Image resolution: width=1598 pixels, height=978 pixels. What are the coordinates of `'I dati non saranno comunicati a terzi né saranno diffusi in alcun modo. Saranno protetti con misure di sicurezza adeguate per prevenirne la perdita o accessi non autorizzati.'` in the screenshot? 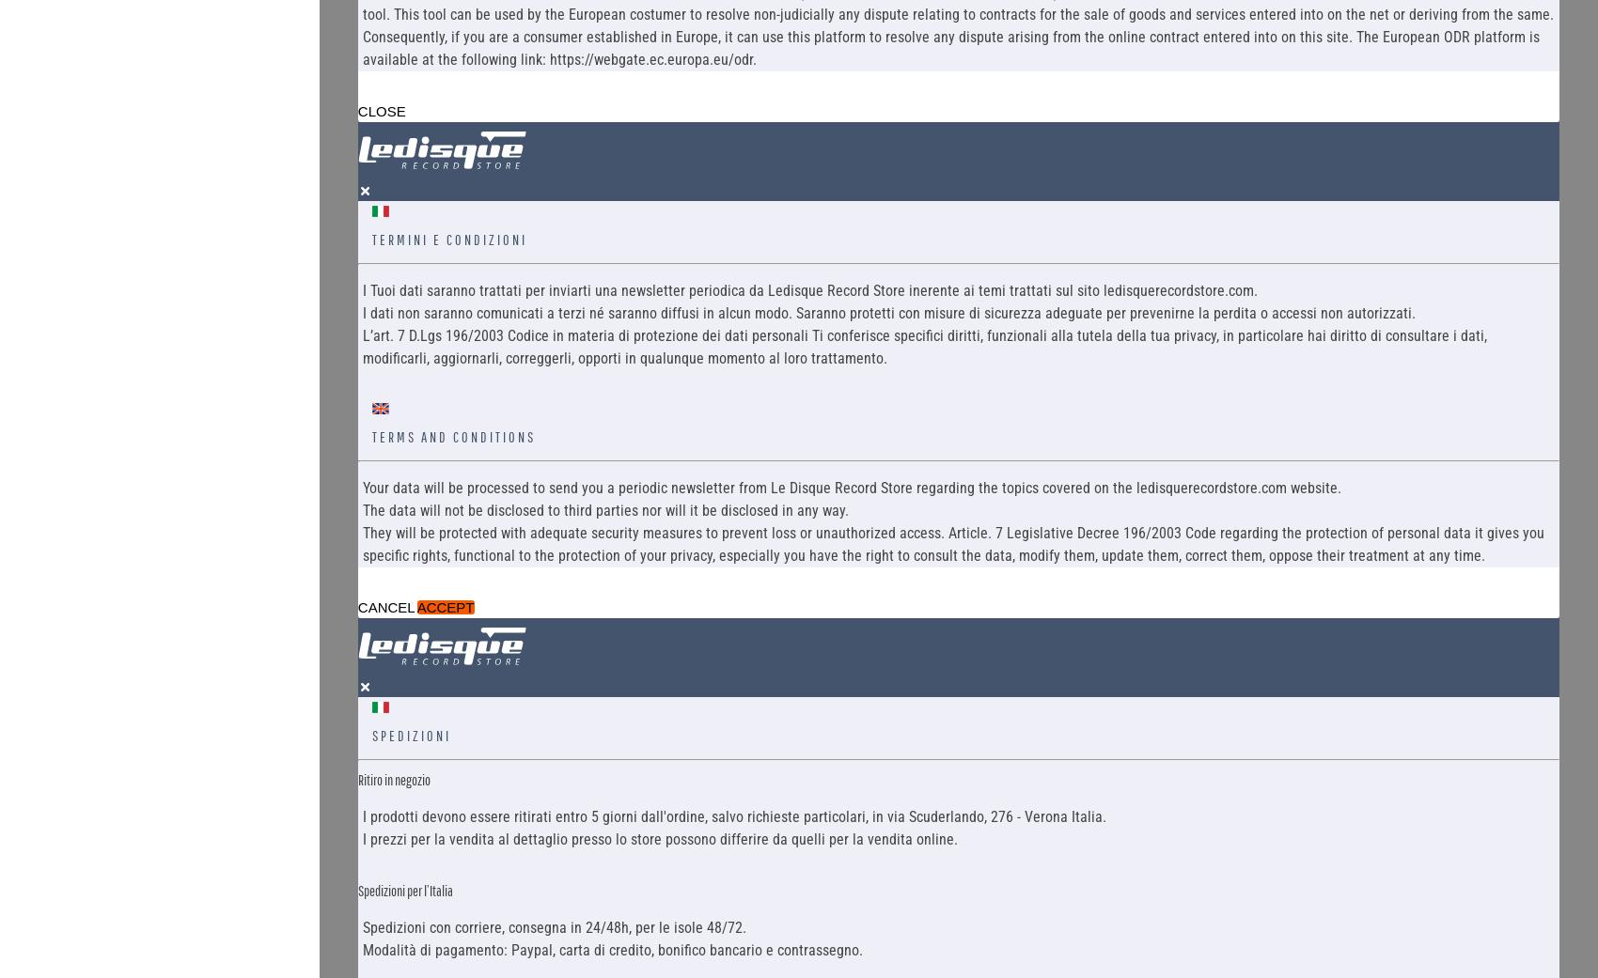 It's located at (361, 312).